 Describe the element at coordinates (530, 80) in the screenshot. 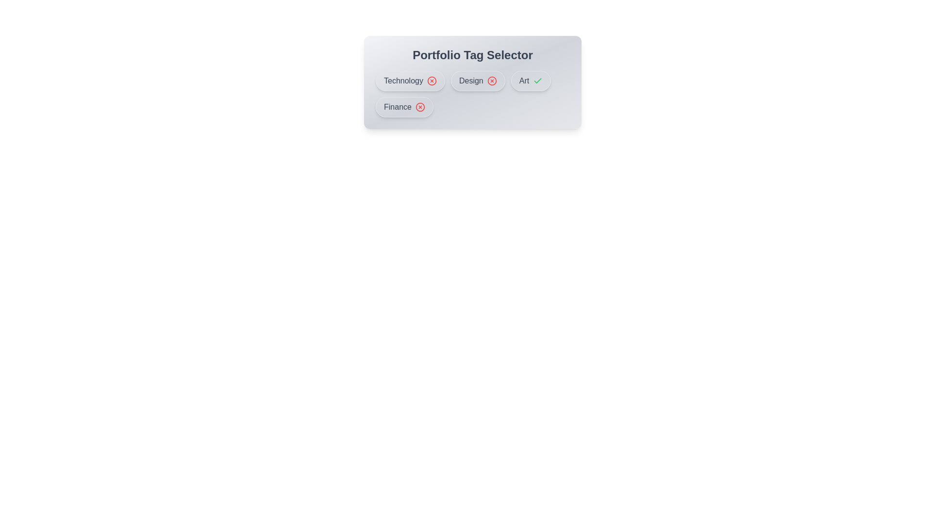

I see `the tag Art` at that location.